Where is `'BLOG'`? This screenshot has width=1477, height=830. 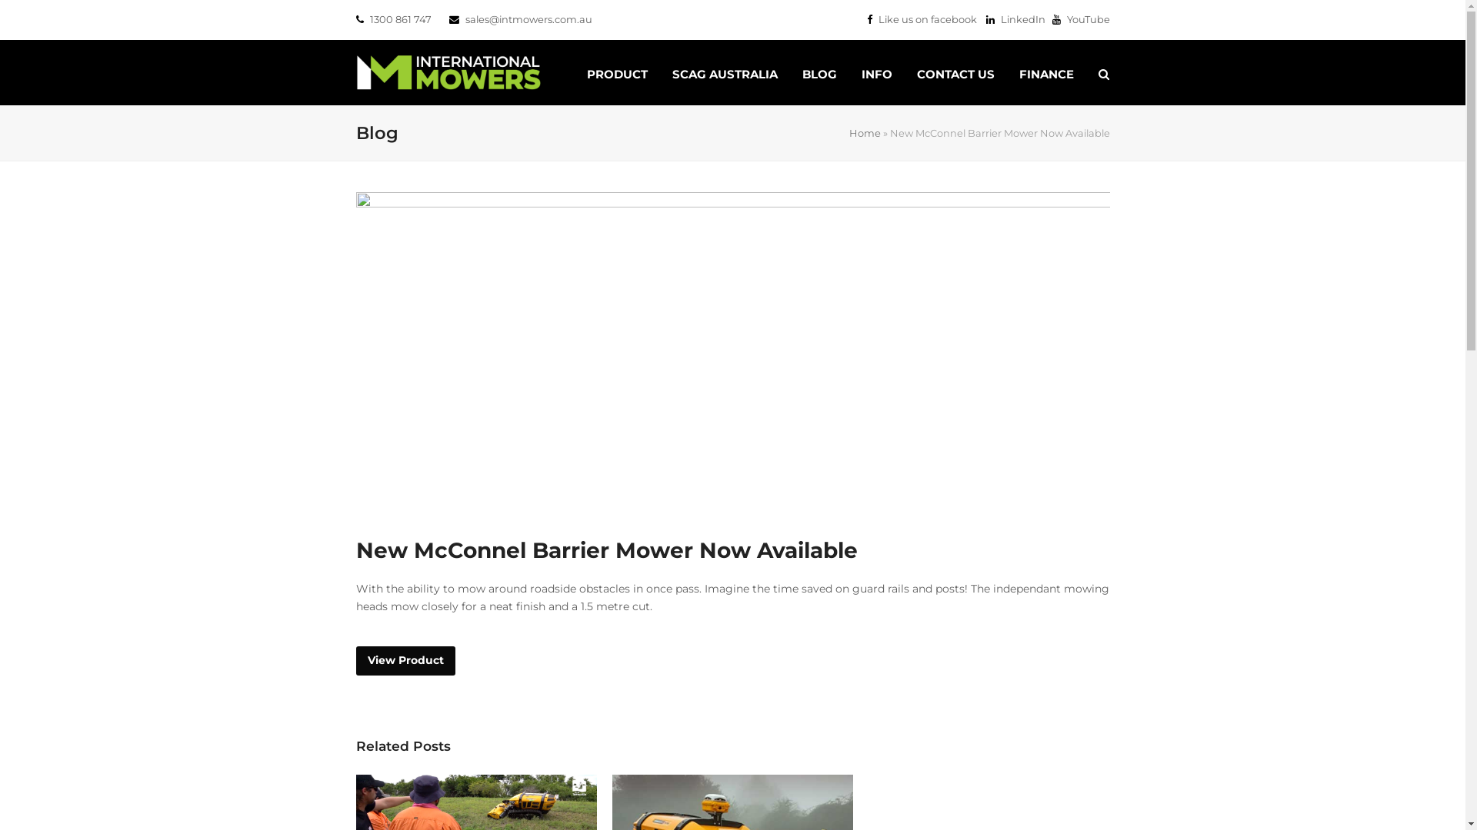
'BLOG' is located at coordinates (818, 71).